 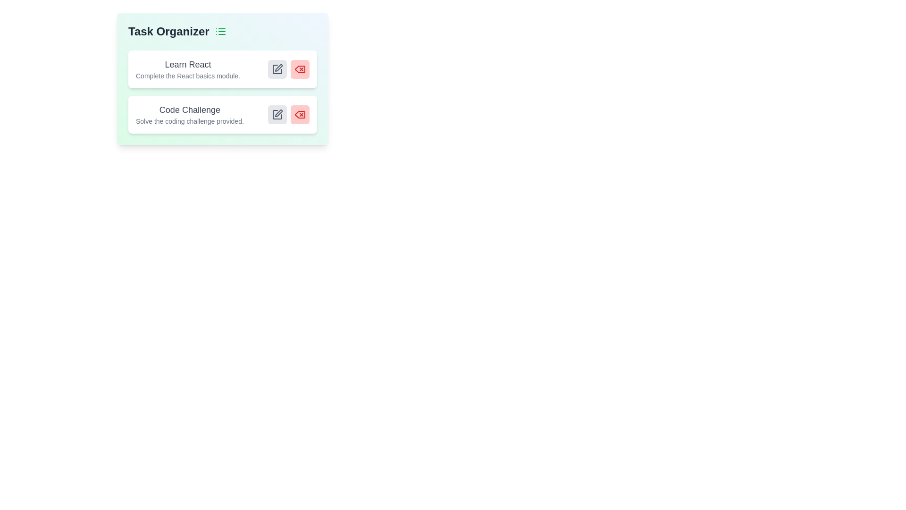 What do you see at coordinates (299, 68) in the screenshot?
I see `delete button for the task titled Learn React` at bounding box center [299, 68].